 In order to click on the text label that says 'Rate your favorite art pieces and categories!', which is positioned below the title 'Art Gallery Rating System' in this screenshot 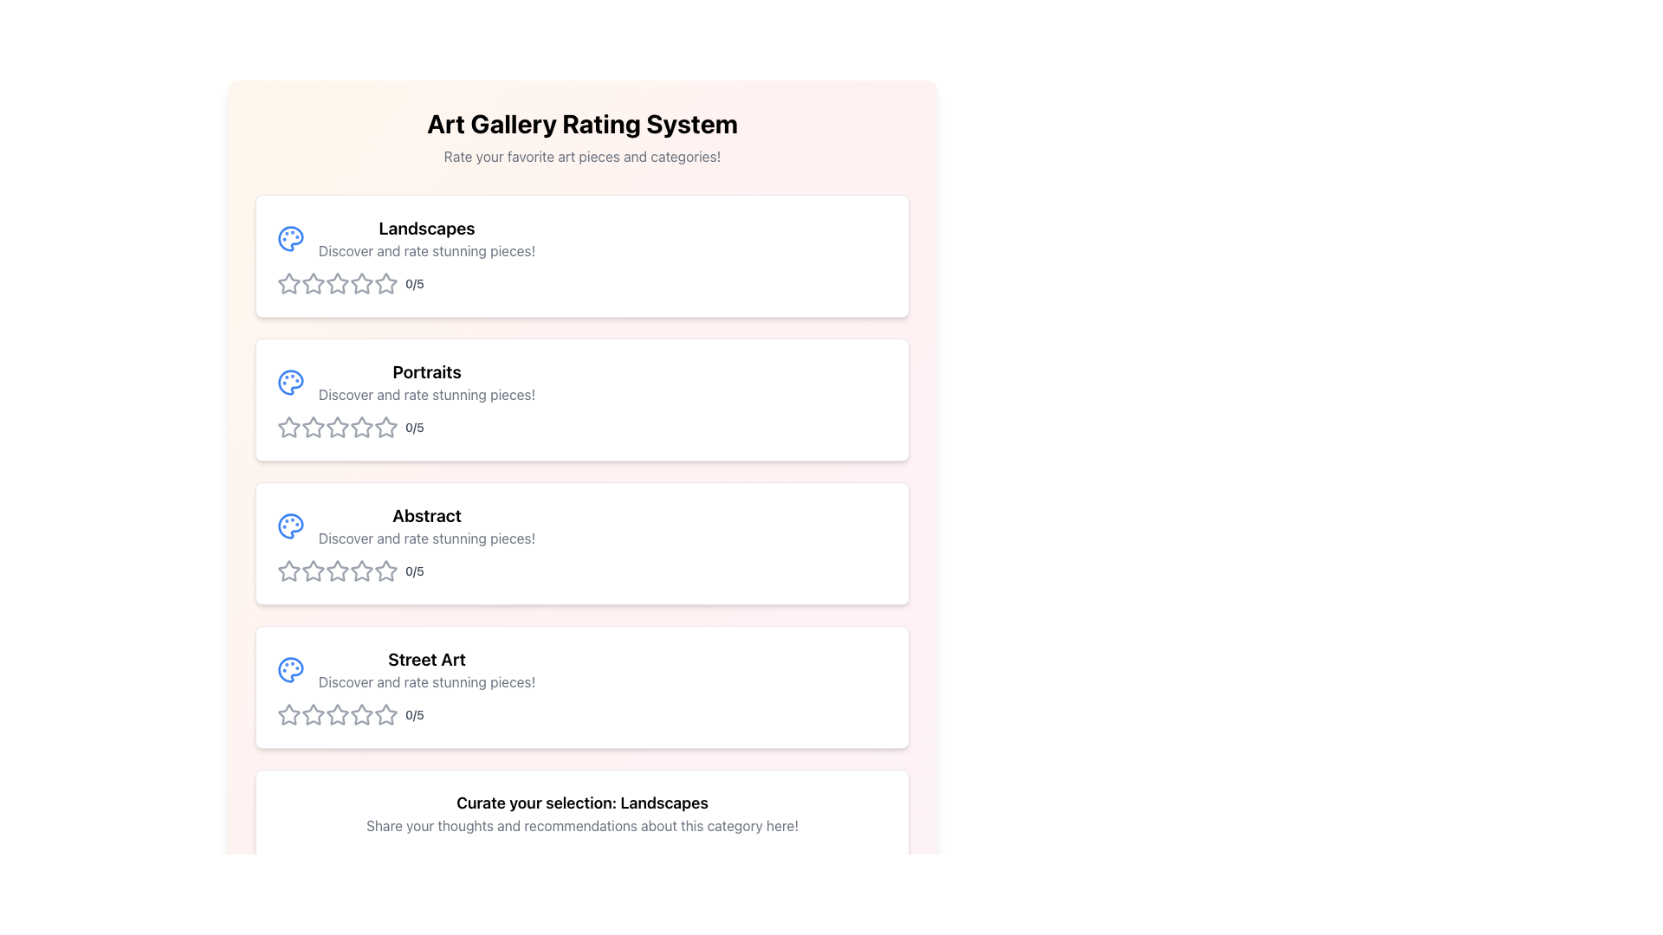, I will do `click(582, 157)`.